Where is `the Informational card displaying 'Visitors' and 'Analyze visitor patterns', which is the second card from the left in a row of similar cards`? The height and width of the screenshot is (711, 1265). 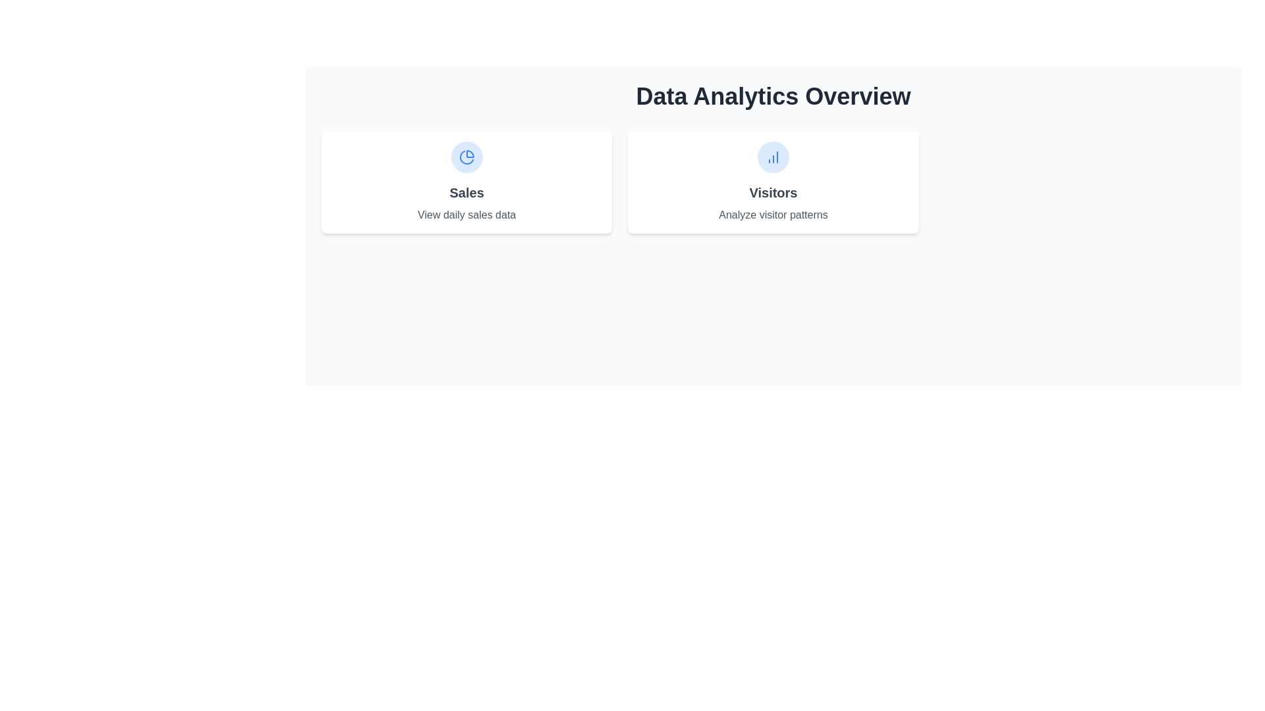
the Informational card displaying 'Visitors' and 'Analyze visitor patterns', which is the second card from the left in a row of similar cards is located at coordinates (773, 182).